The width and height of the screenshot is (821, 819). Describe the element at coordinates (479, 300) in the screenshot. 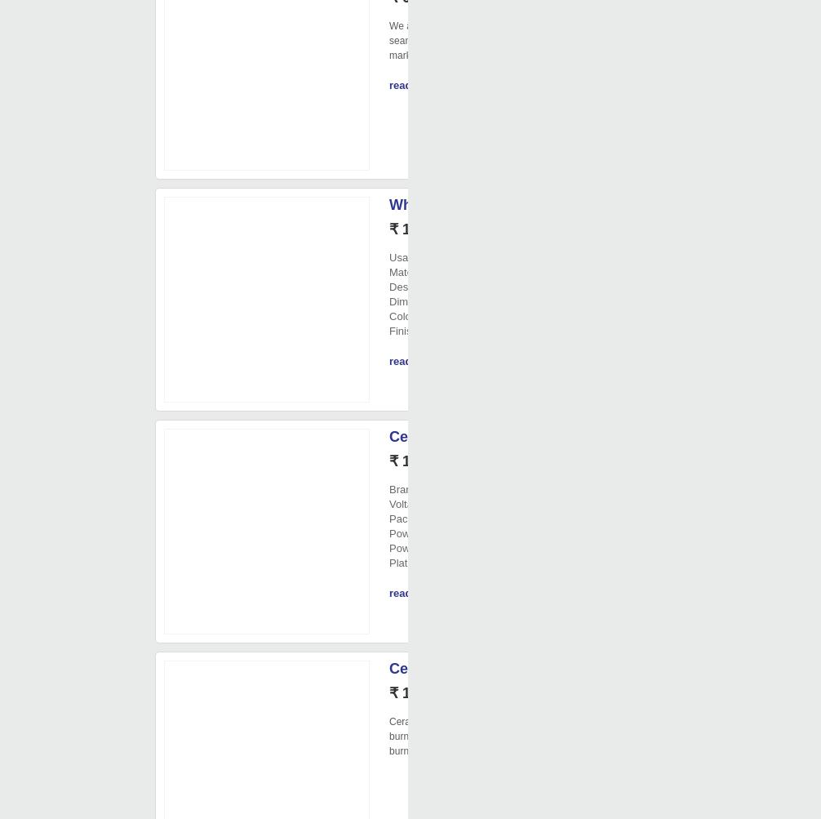

I see `':  2.5x5 inch(LxH)'` at that location.